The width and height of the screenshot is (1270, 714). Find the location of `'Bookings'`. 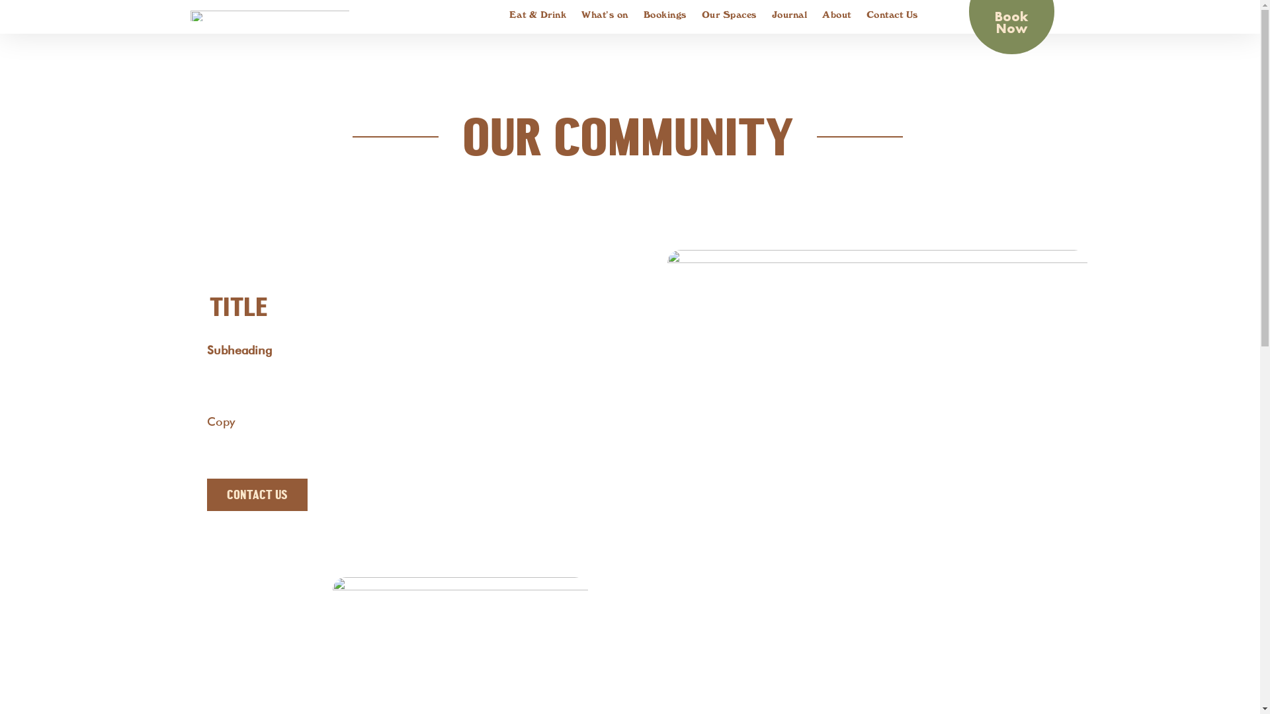

'Bookings' is located at coordinates (664, 15).